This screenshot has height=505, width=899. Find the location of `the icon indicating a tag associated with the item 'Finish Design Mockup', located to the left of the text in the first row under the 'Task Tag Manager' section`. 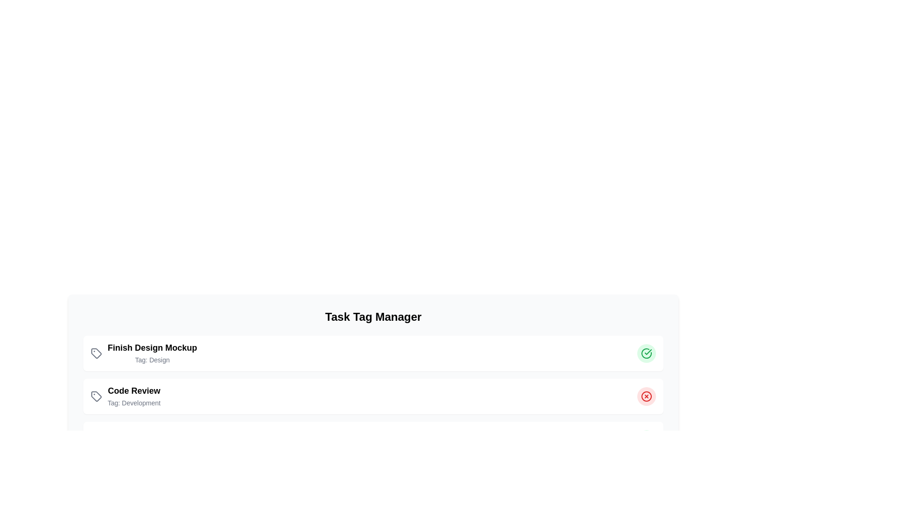

the icon indicating a tag associated with the item 'Finish Design Mockup', located to the left of the text in the first row under the 'Task Tag Manager' section is located at coordinates (96, 353).